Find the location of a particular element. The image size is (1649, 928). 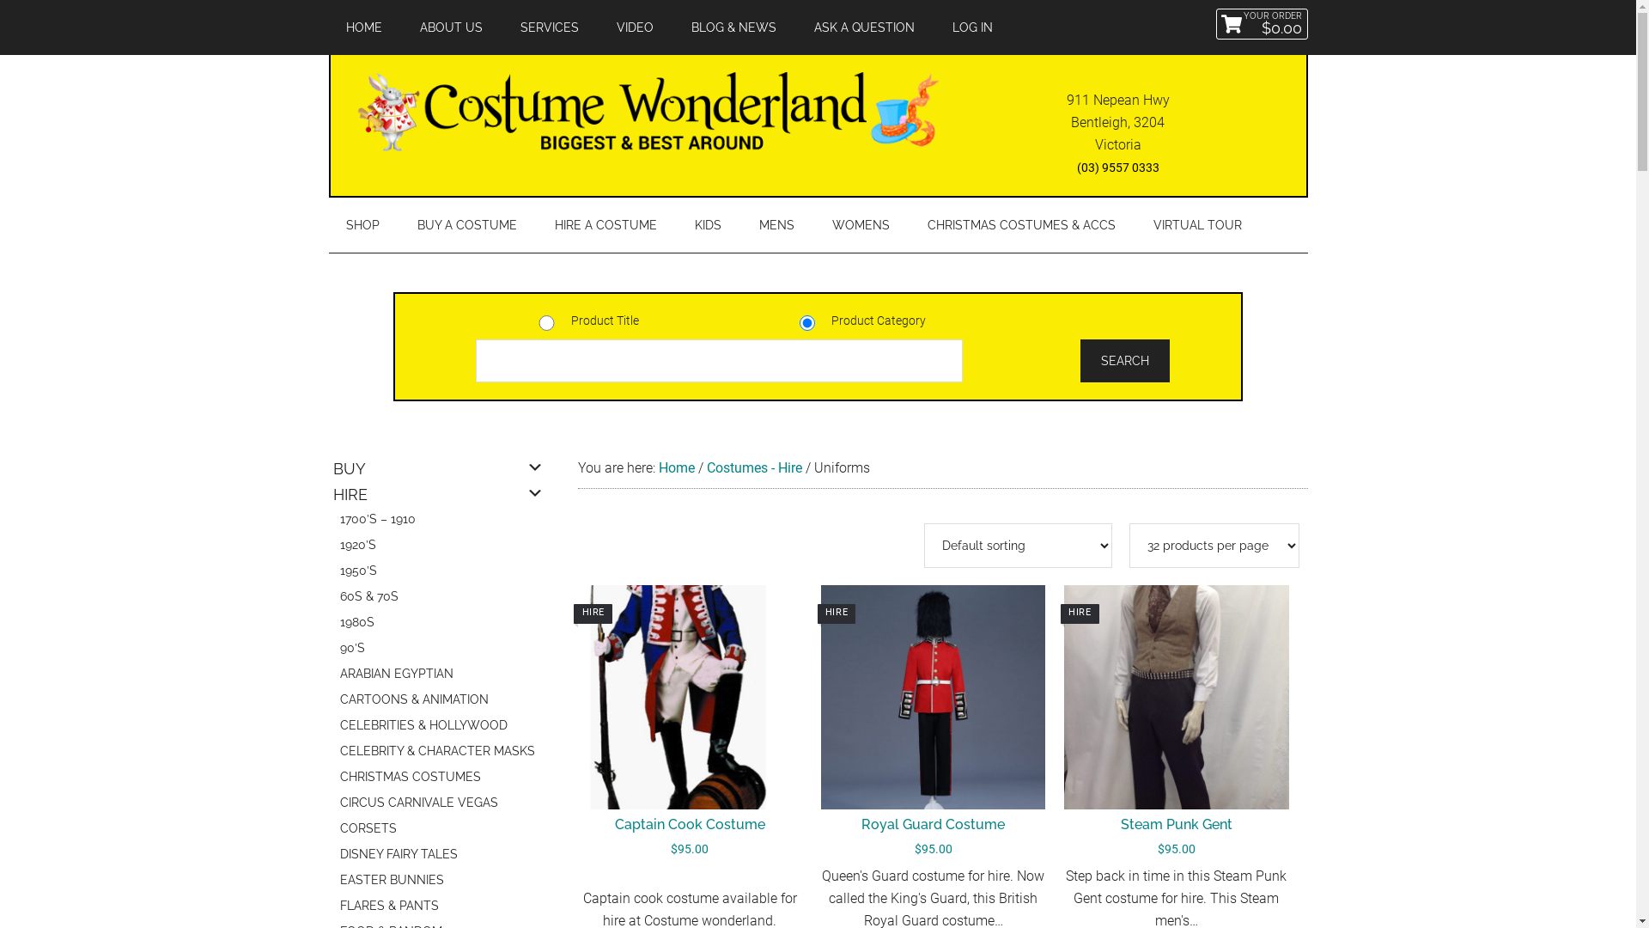

'CHRISTMAS COSTUMES & ACCS' is located at coordinates (1021, 224).